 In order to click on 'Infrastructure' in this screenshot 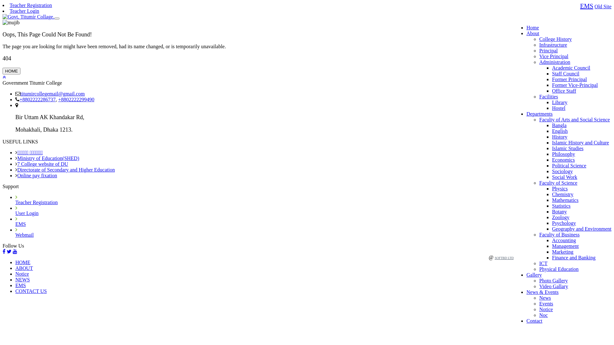, I will do `click(553, 44)`.